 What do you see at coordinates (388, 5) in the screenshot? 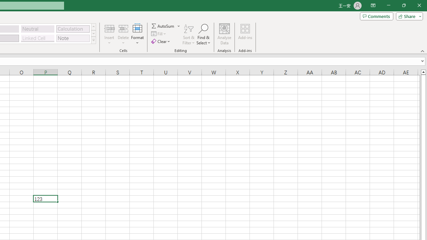
I see `'Minimize'` at bounding box center [388, 5].